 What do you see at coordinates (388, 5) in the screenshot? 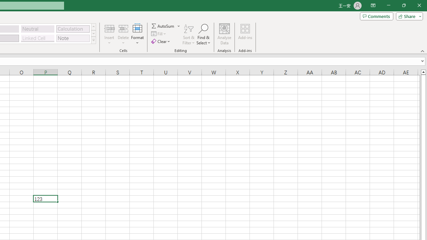
I see `'Minimize'` at bounding box center [388, 5].